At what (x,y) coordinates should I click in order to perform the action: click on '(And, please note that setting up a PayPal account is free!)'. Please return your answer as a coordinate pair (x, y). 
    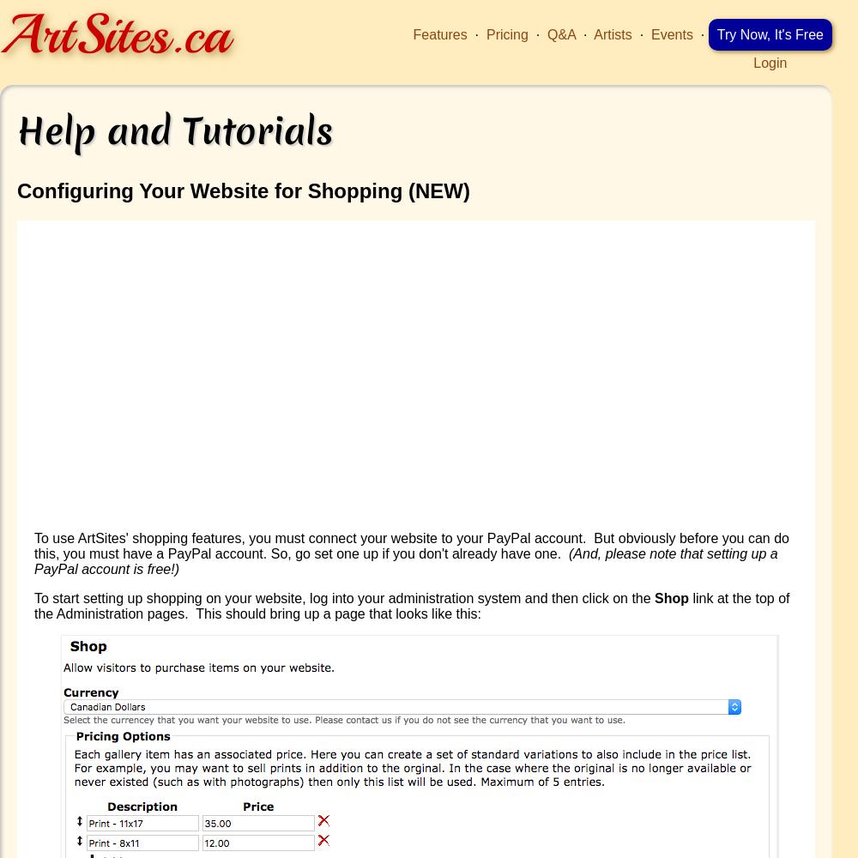
    Looking at the image, I should click on (405, 560).